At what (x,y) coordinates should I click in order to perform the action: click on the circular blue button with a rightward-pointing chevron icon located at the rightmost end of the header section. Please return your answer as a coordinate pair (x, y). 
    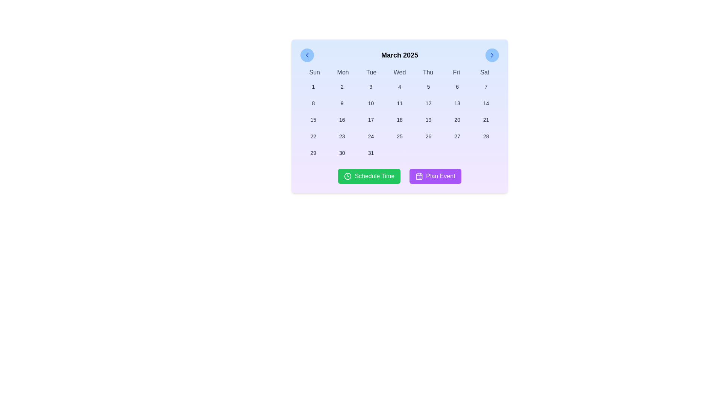
    Looking at the image, I should click on (492, 55).